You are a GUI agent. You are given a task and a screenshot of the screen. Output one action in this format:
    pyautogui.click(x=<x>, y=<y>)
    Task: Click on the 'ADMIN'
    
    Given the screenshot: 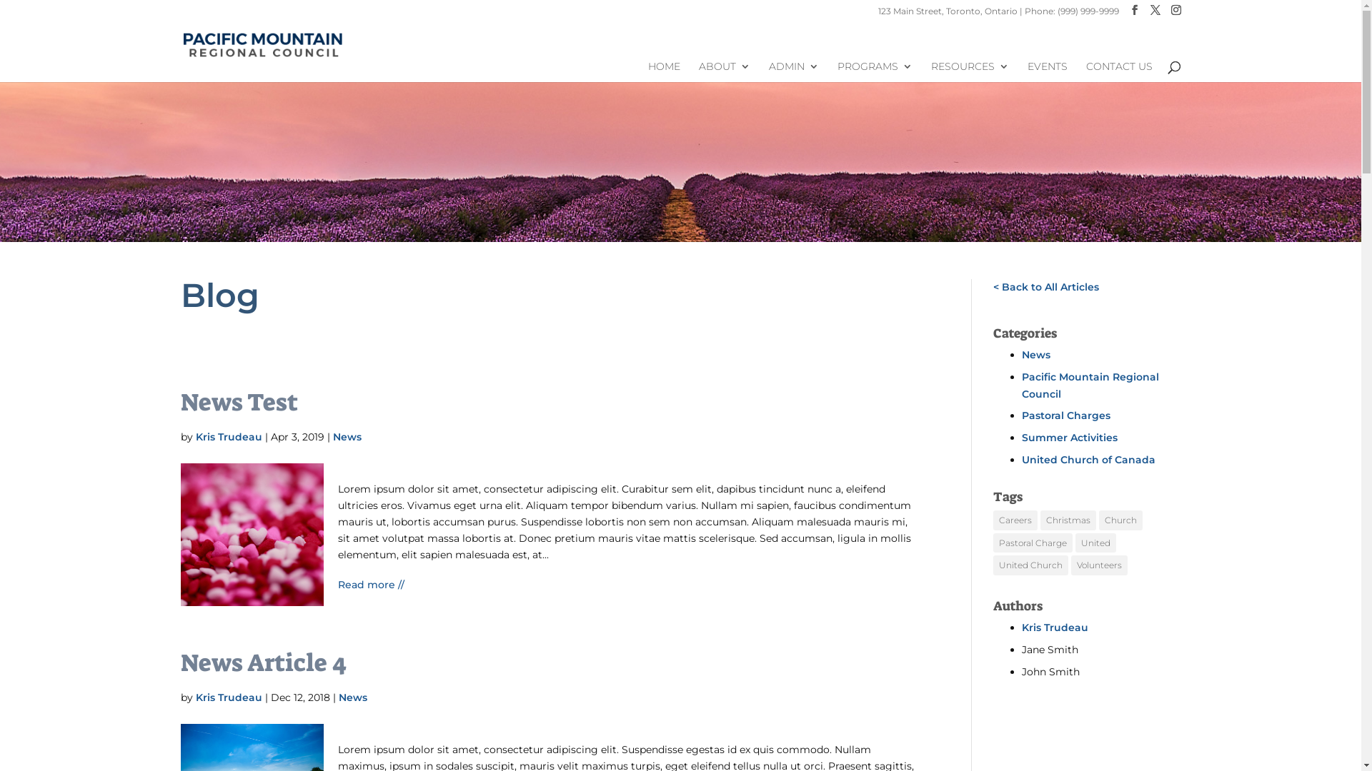 What is the action you would take?
    pyautogui.click(x=792, y=71)
    